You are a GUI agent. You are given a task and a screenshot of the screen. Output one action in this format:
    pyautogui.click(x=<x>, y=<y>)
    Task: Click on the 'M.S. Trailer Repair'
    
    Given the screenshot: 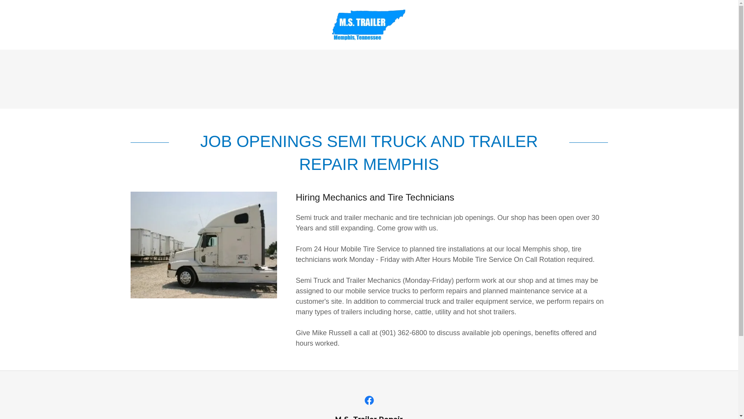 What is the action you would take?
    pyautogui.click(x=369, y=24)
    